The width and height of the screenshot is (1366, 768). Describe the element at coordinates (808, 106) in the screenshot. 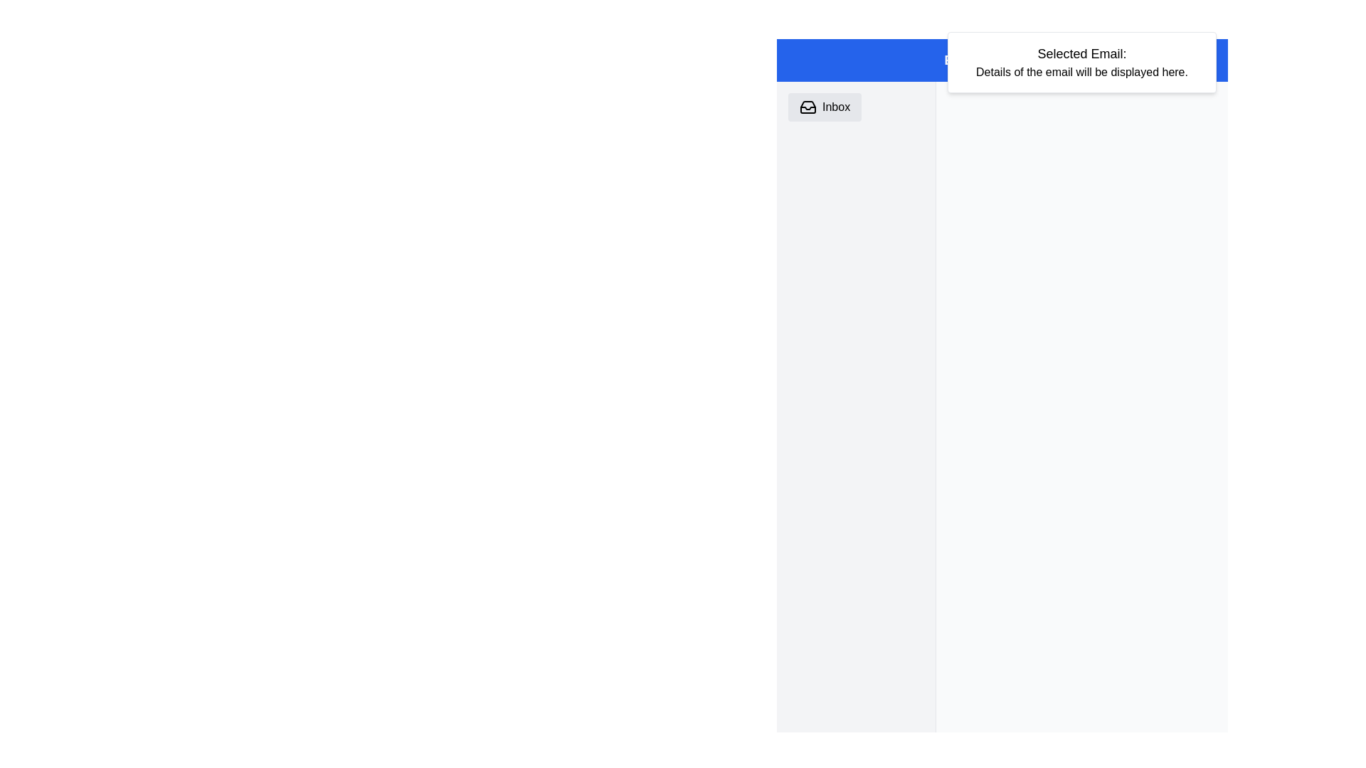

I see `decorative vector graphic of the inbox icon located to the left of the 'Inbox' label in the sidebar area` at that location.